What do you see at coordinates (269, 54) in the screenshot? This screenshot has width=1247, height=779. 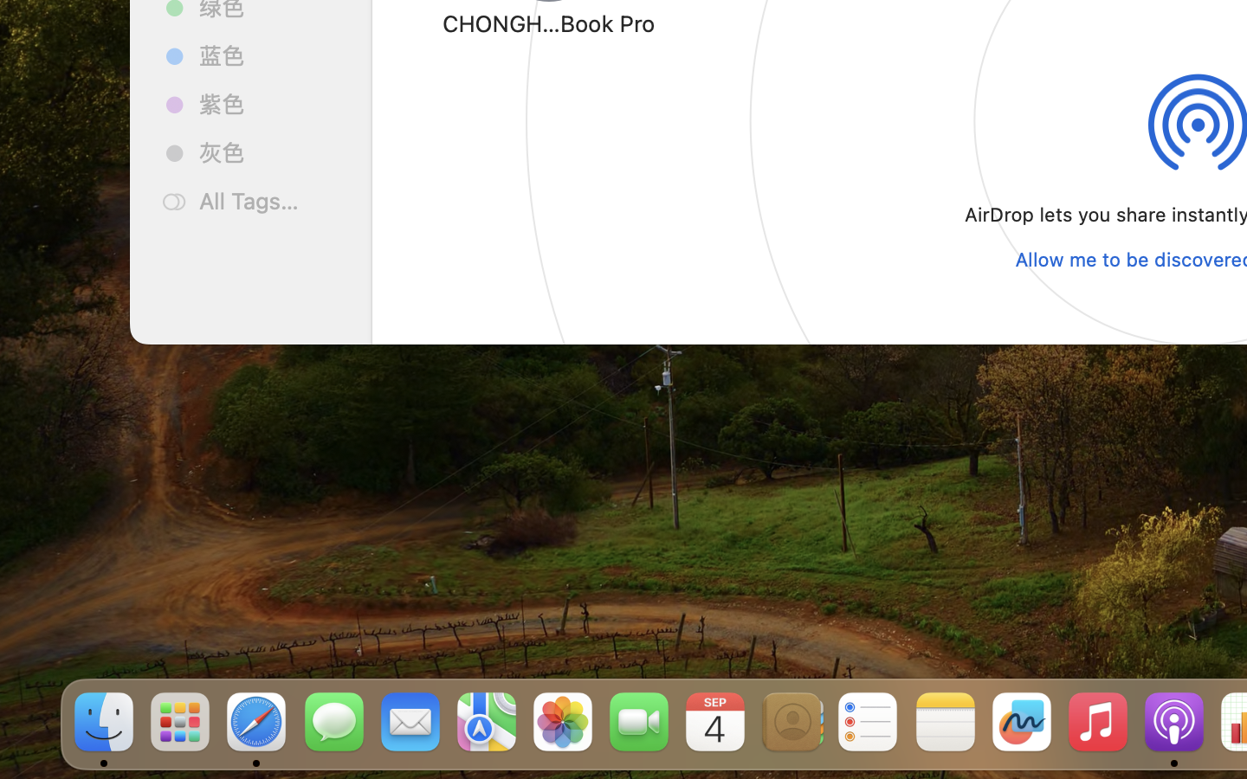 I see `'蓝色'` at bounding box center [269, 54].